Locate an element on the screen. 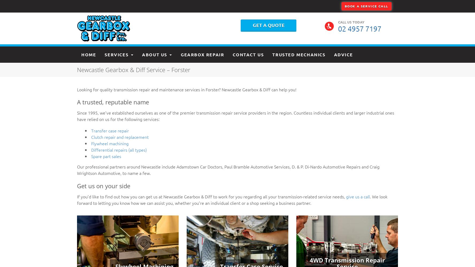 The height and width of the screenshot is (267, 475). 'Since 1995, we’ve established ourselves as one of the premier transmission repair service providers in the region. Countless individual clients and larger industrial ones have relied on us for the following services:' is located at coordinates (236, 116).